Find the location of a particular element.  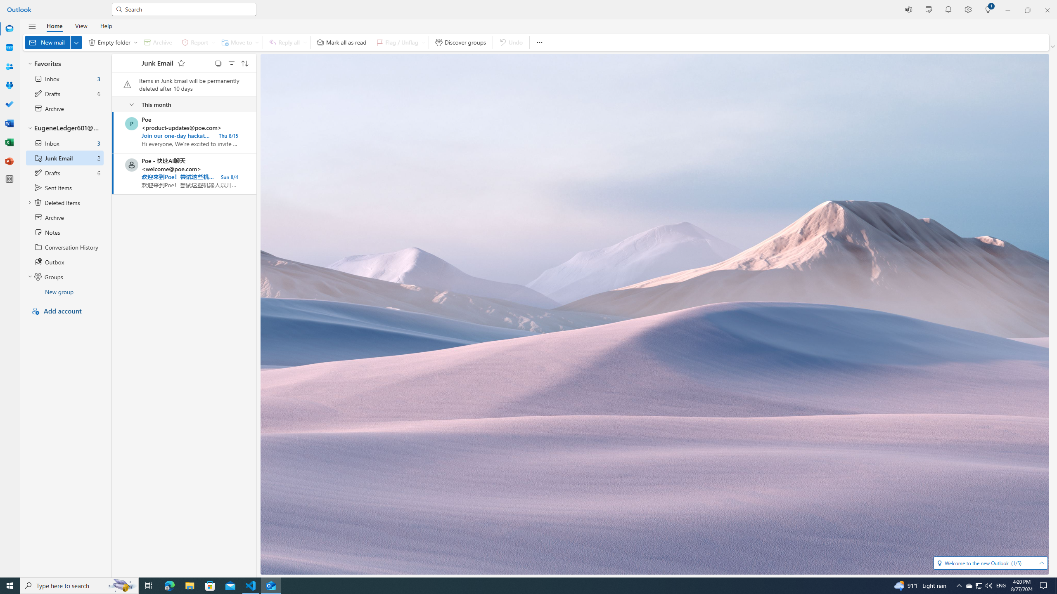

'Favorites' is located at coordinates (64, 63).